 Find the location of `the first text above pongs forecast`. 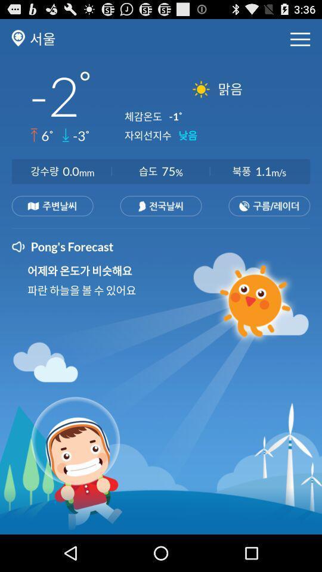

the first text above pongs forecast is located at coordinates (52, 206).